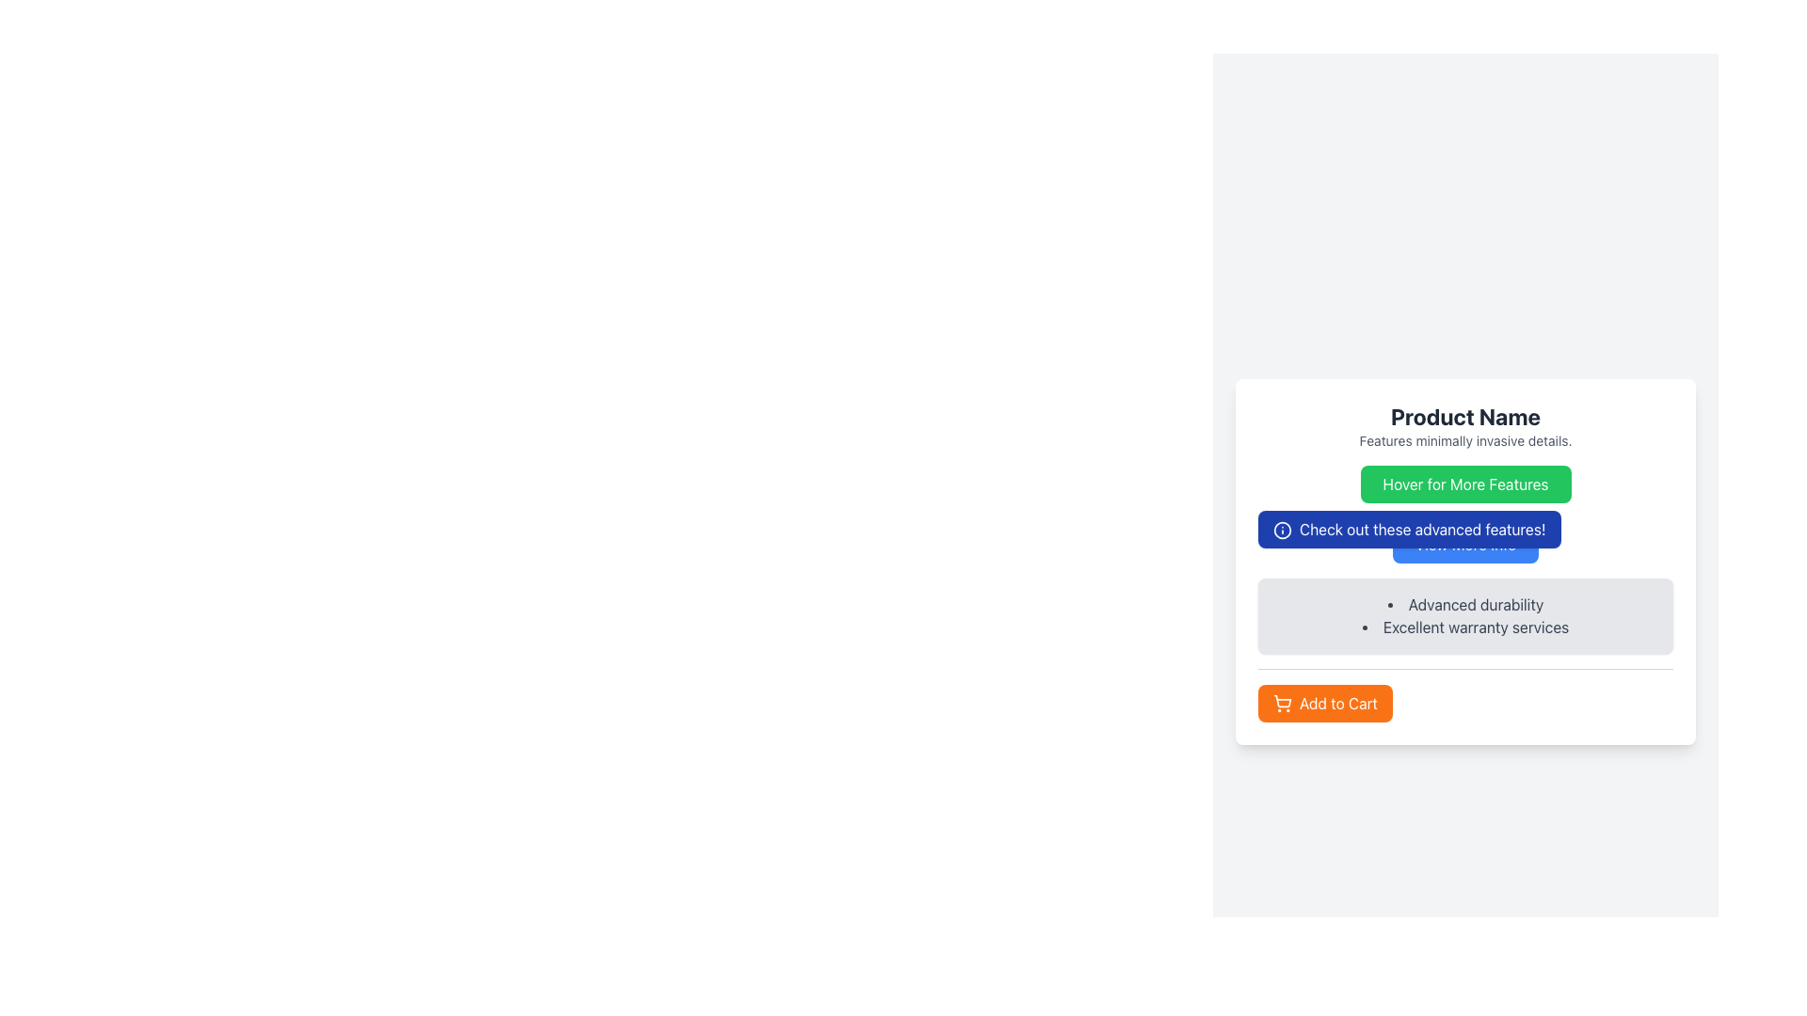 This screenshot has height=1016, width=1807. I want to click on the prominent green button labeled 'Hover for More Features', so click(1464, 483).